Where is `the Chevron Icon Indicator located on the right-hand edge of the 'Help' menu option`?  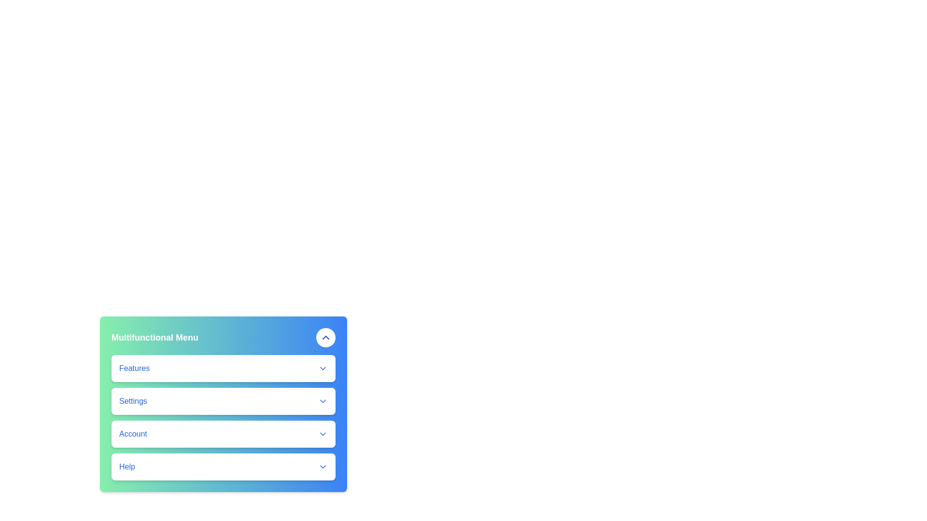 the Chevron Icon Indicator located on the right-hand edge of the 'Help' menu option is located at coordinates (323, 466).